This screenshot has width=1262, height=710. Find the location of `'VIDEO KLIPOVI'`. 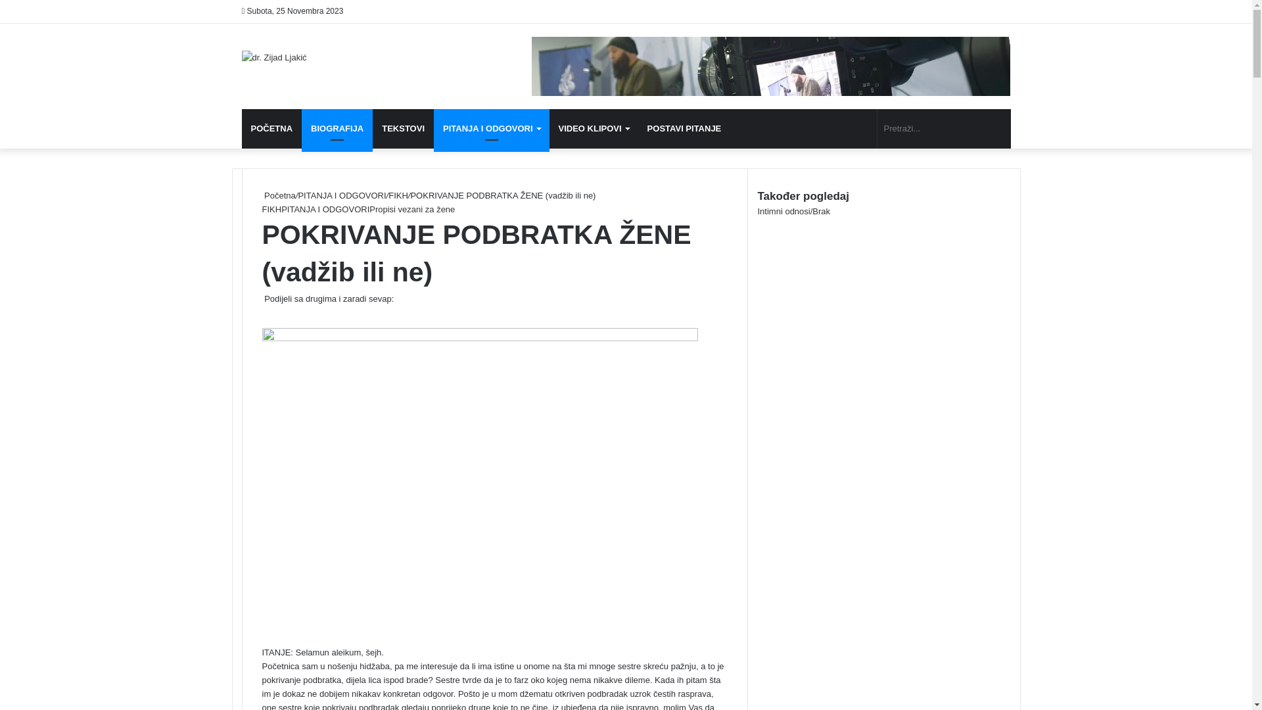

'VIDEO KLIPOVI' is located at coordinates (593, 129).